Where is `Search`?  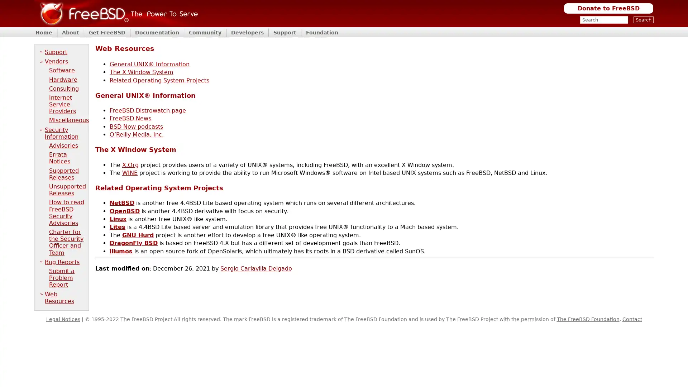
Search is located at coordinates (643, 19).